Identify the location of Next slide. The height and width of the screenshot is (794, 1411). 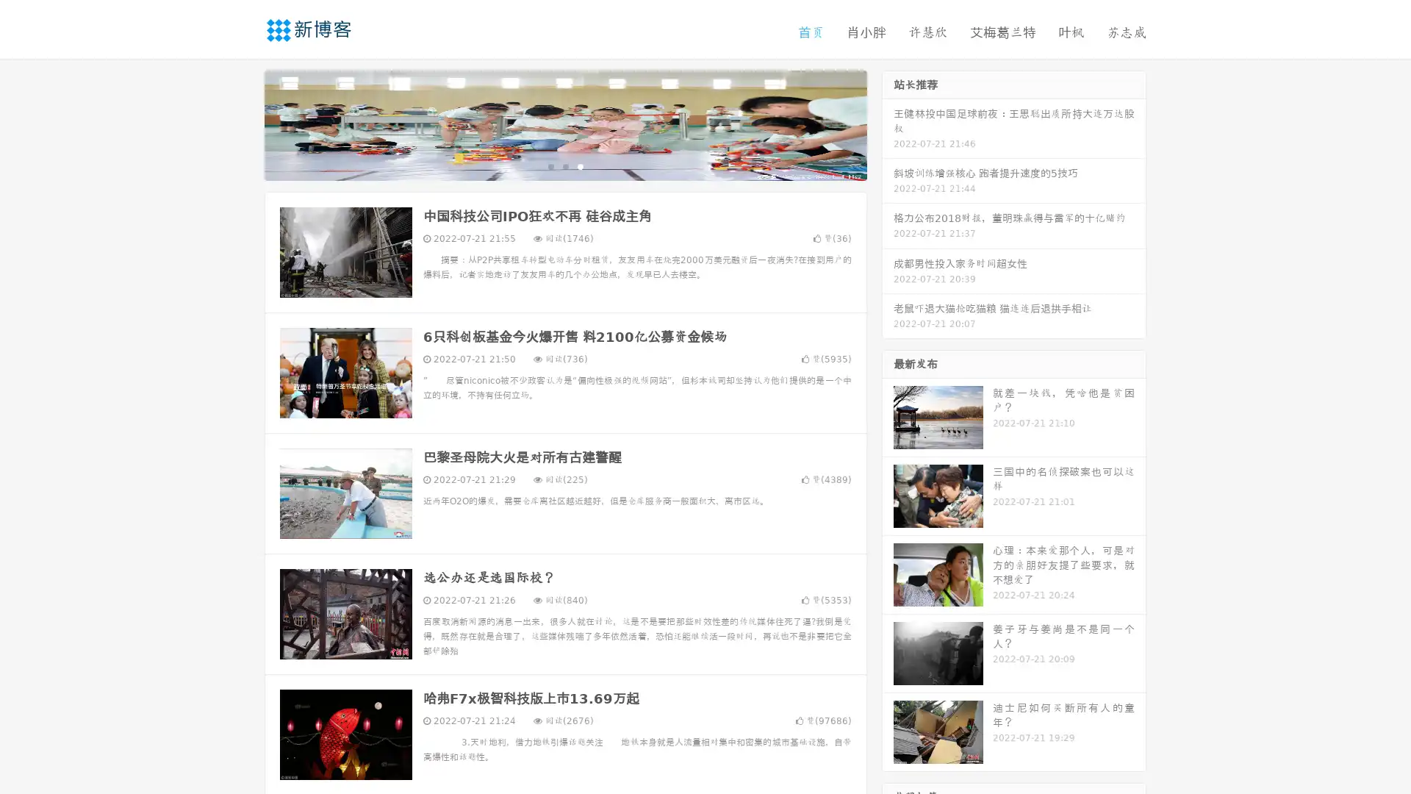
(888, 124).